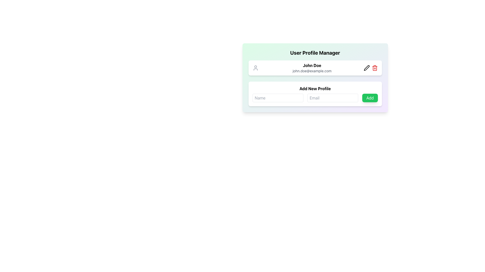  What do you see at coordinates (375, 68) in the screenshot?
I see `the red trash can icon button located at the top-right corner of John Doe's profile card` at bounding box center [375, 68].